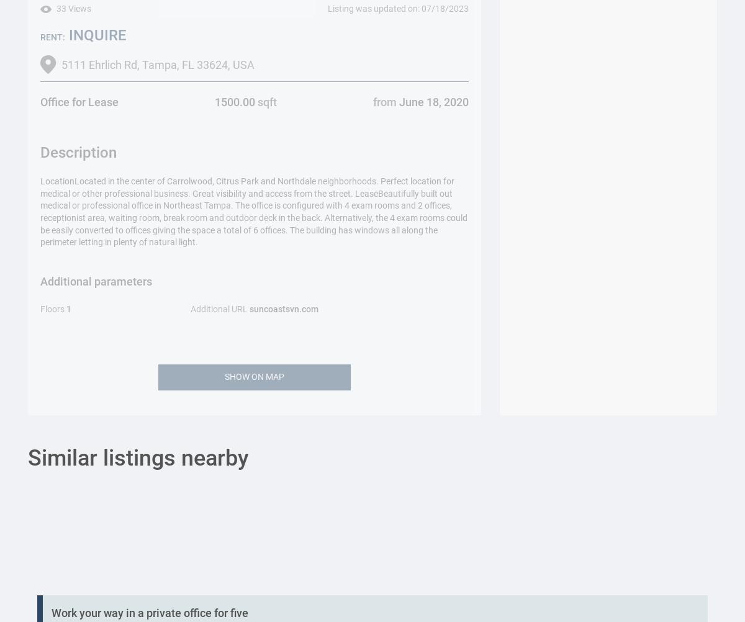 This screenshot has height=622, width=745. Describe the element at coordinates (74, 9) in the screenshot. I see `'33 Views'` at that location.